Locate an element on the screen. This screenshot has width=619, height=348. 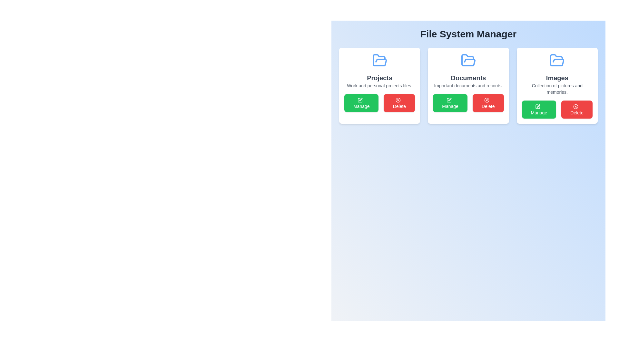
the centered text label displaying 'File System Manager' in bold, dark gray font at the top-center of the user interface is located at coordinates (468, 34).